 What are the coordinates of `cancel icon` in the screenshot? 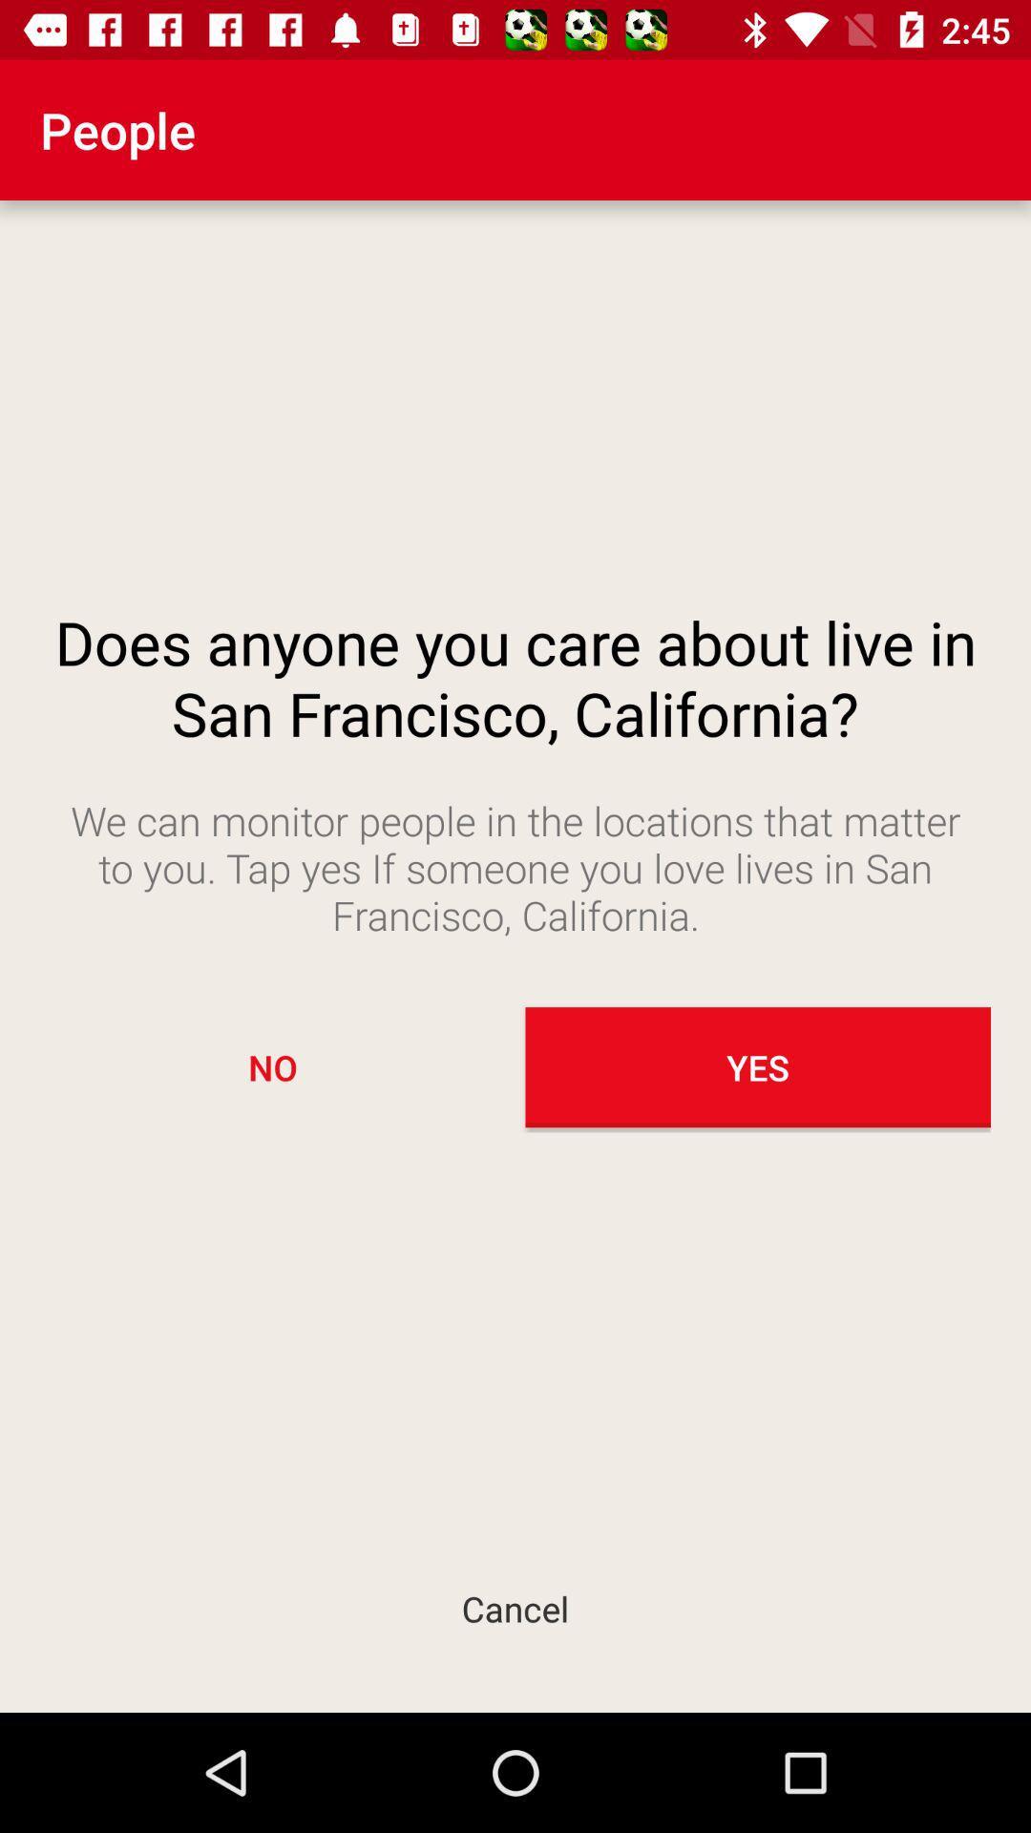 It's located at (515, 1608).